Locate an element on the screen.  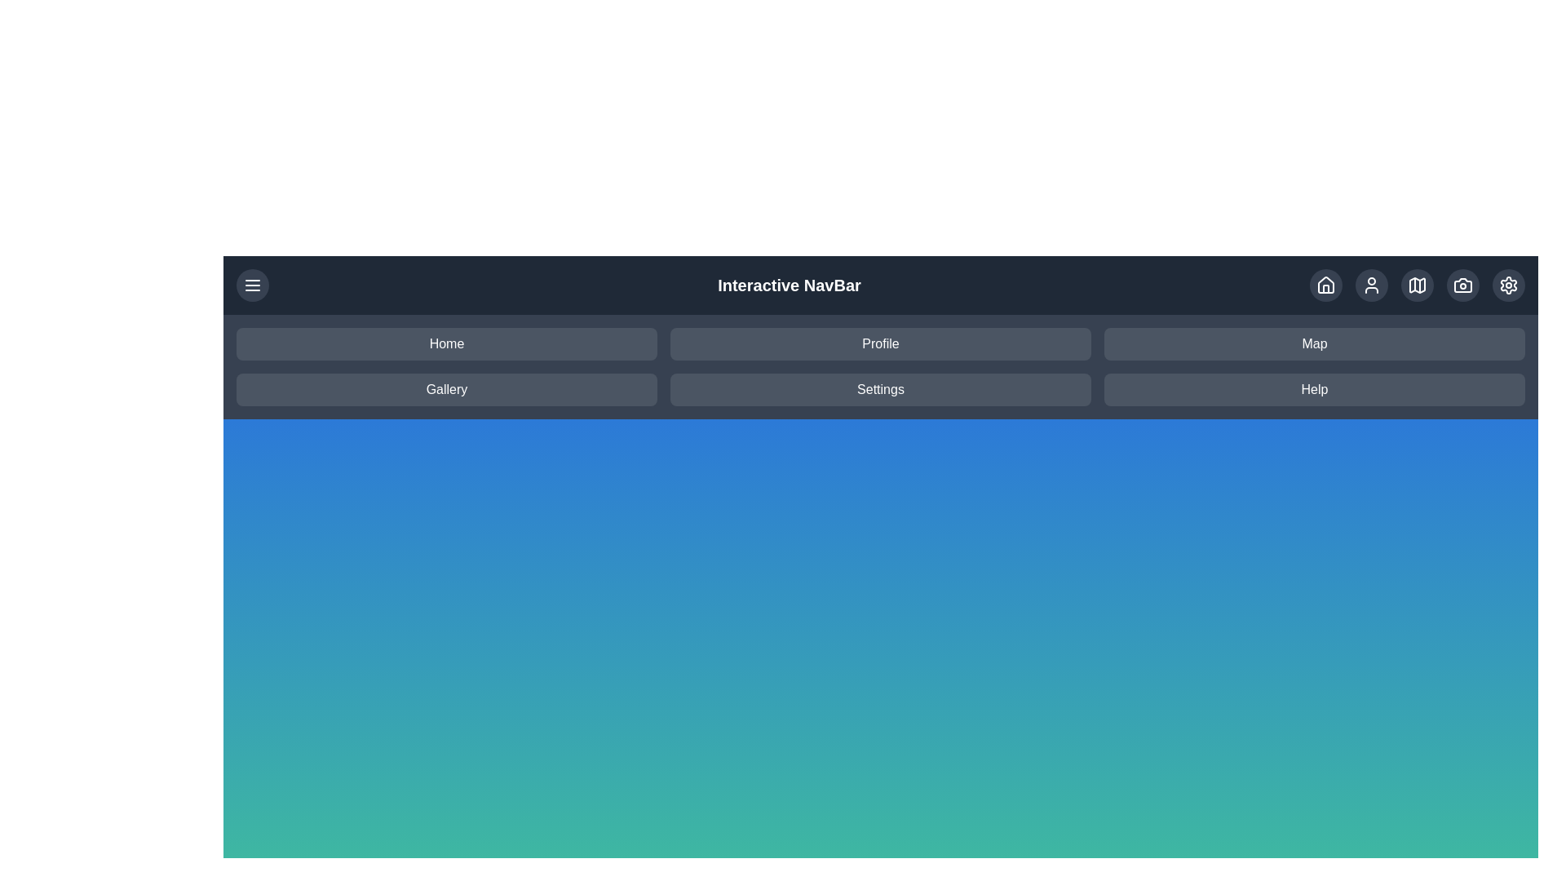
the Map icon in the action bar is located at coordinates (1416, 285).